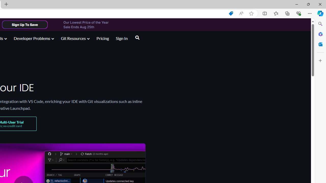  I want to click on 'Pricing', so click(102, 38).